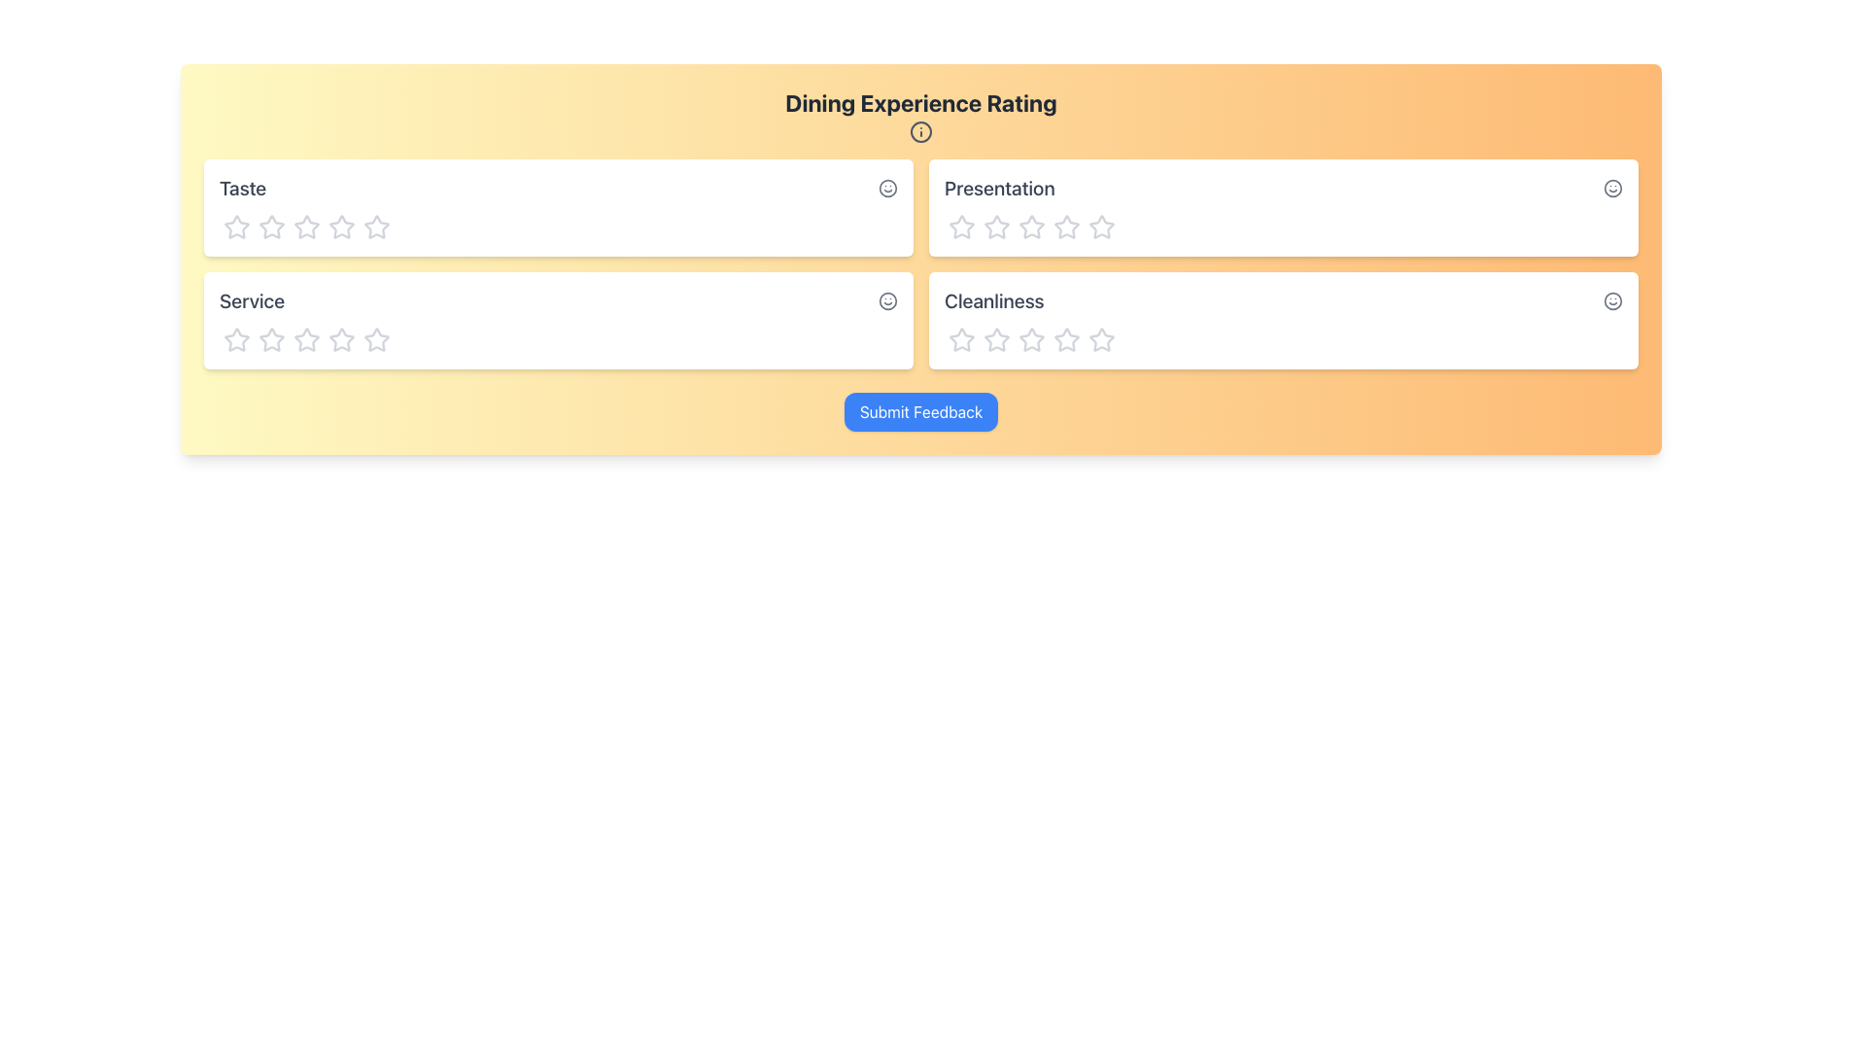  I want to click on the second star icon in the 'Taste' rating section, so click(270, 226).